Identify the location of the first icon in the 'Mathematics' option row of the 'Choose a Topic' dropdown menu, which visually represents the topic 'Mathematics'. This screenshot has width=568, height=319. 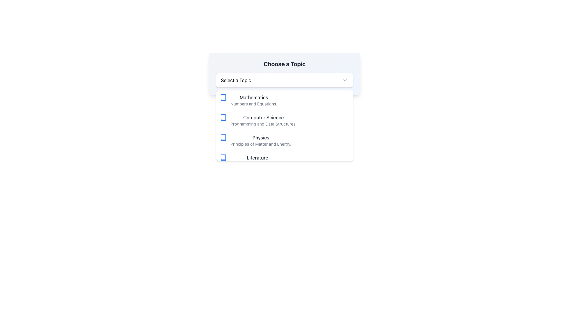
(223, 97).